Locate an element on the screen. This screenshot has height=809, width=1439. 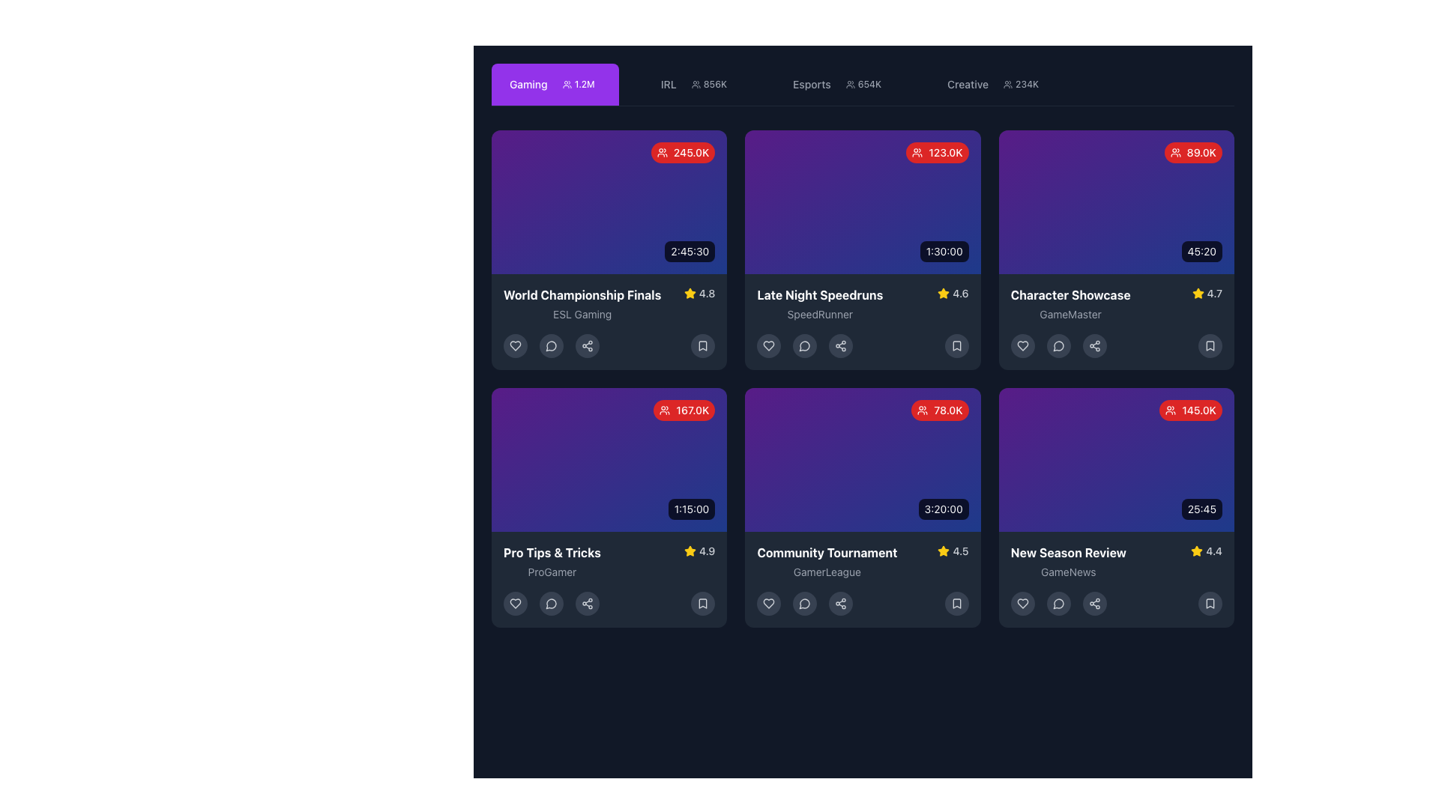
the card with a dark background featuring a red badge displaying '89.0K' in the top-right corner is located at coordinates (1116, 249).